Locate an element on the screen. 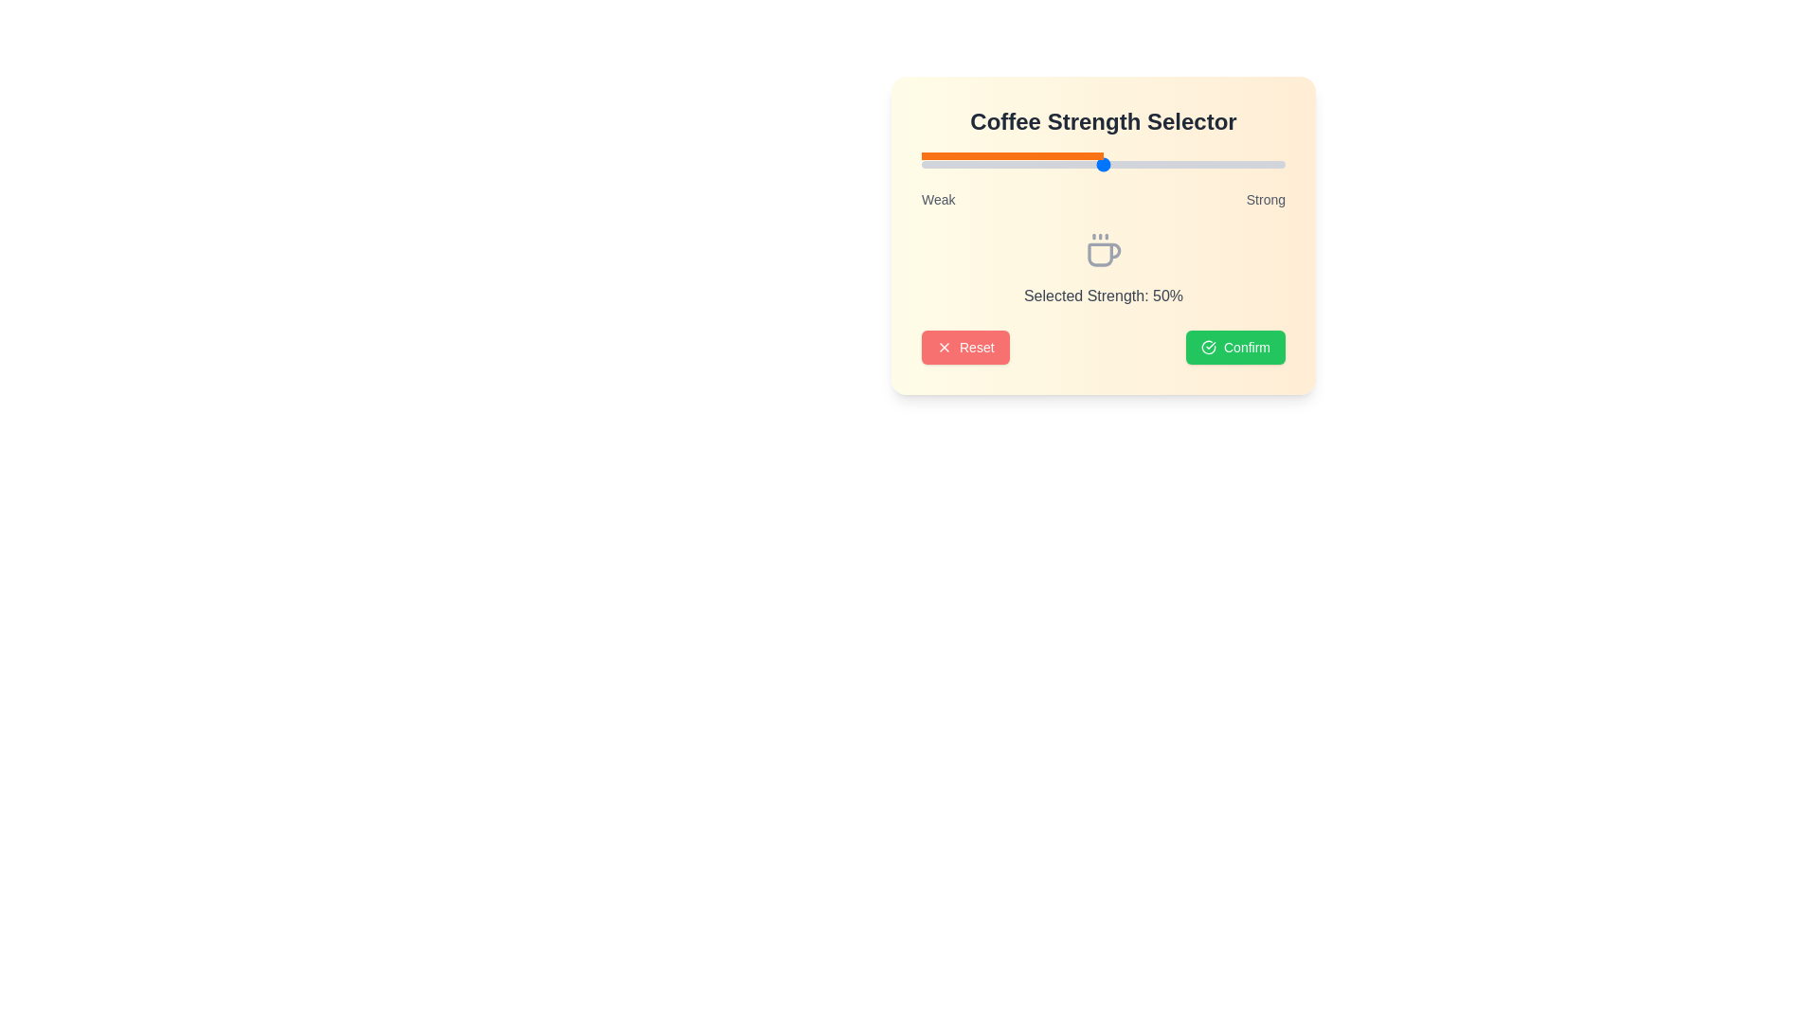 The height and width of the screenshot is (1023, 1819). the 'Reset' button, which has a red background and a white cross icon is located at coordinates (964, 347).